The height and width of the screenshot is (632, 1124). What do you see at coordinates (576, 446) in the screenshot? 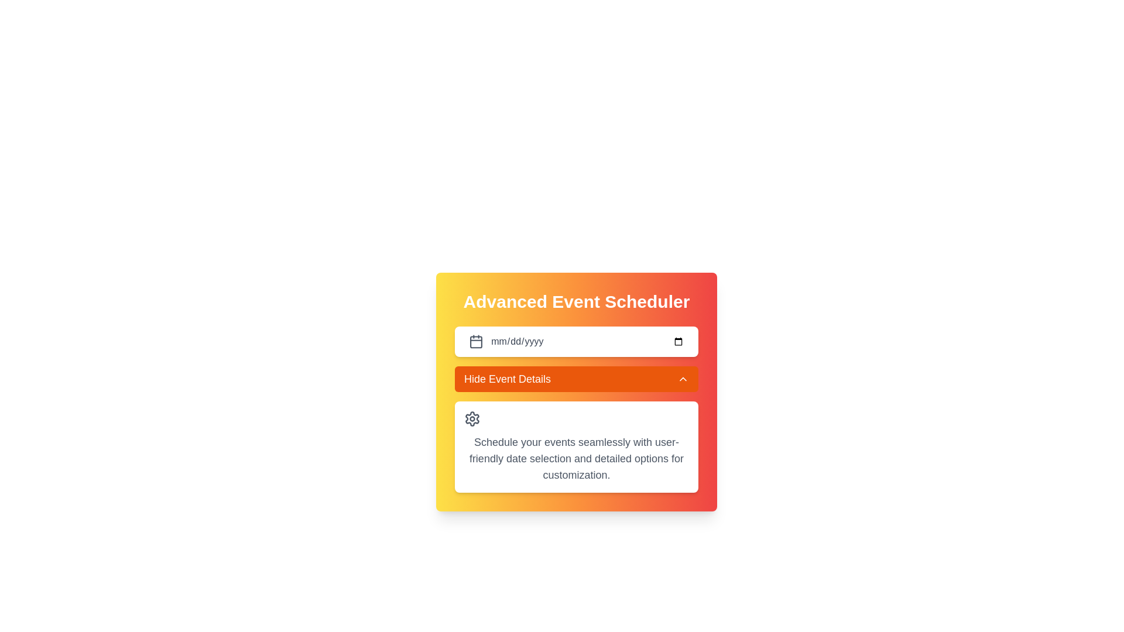
I see `the Descriptive Information Block located in the bottom section of the gradient-colored card titled 'Advanced Event Scheduler', which provides details about the functionality of the scheduler module` at bounding box center [576, 446].